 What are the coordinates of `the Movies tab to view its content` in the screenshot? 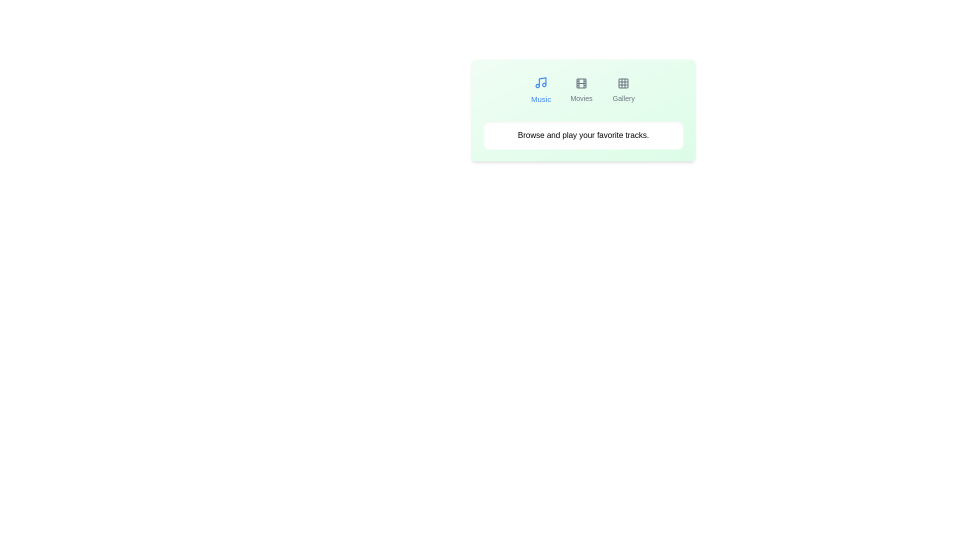 It's located at (581, 90).